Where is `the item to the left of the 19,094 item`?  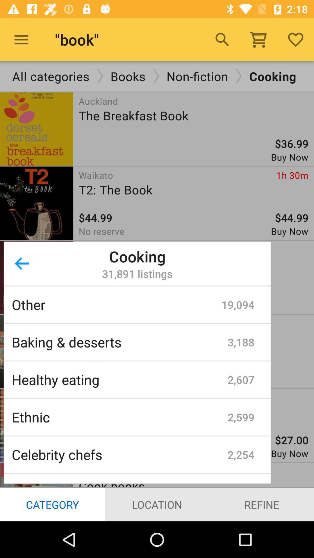
the item to the left of the 19,094 item is located at coordinates (117, 304).